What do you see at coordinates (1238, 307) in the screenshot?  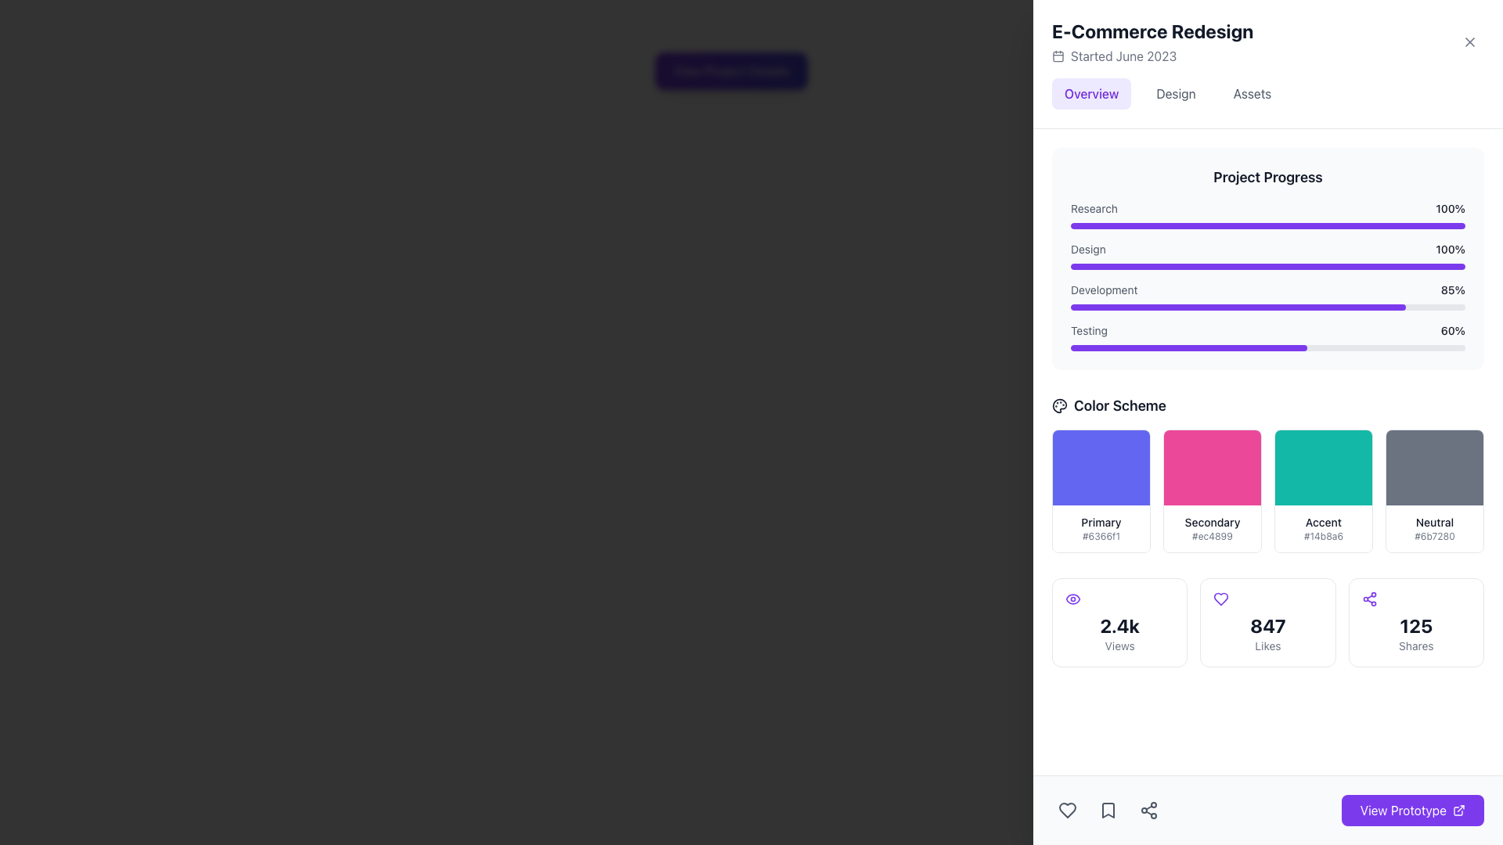 I see `the inner progress bar indicator representing 85% of the 'Development' task in the 'Project Progress' section` at bounding box center [1238, 307].